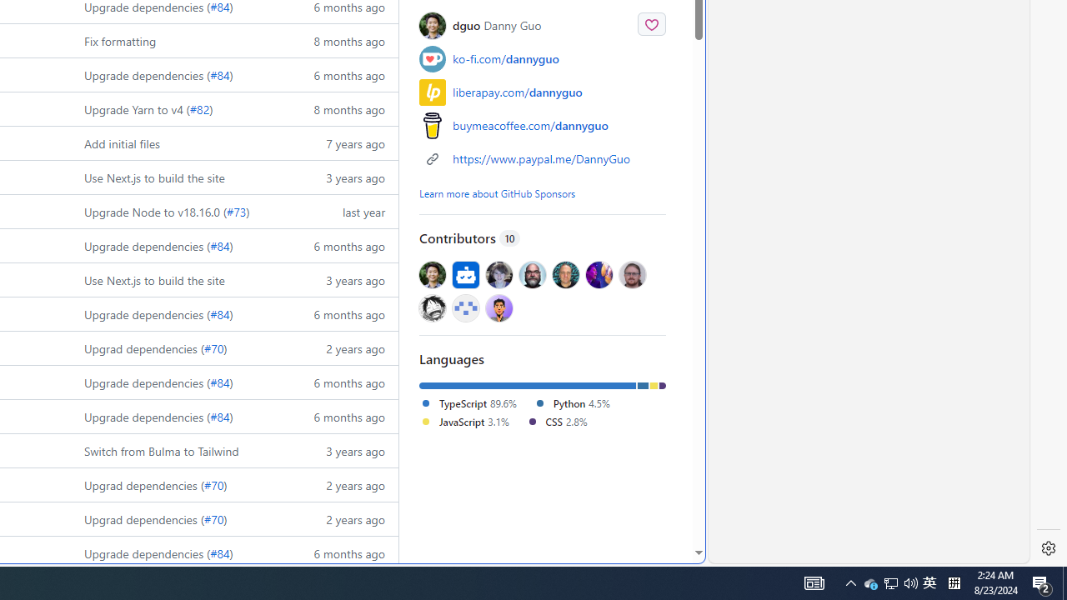 Image resolution: width=1067 pixels, height=600 pixels. Describe the element at coordinates (497, 192) in the screenshot. I see `'Learn more about GitHub Sponsors'` at that location.